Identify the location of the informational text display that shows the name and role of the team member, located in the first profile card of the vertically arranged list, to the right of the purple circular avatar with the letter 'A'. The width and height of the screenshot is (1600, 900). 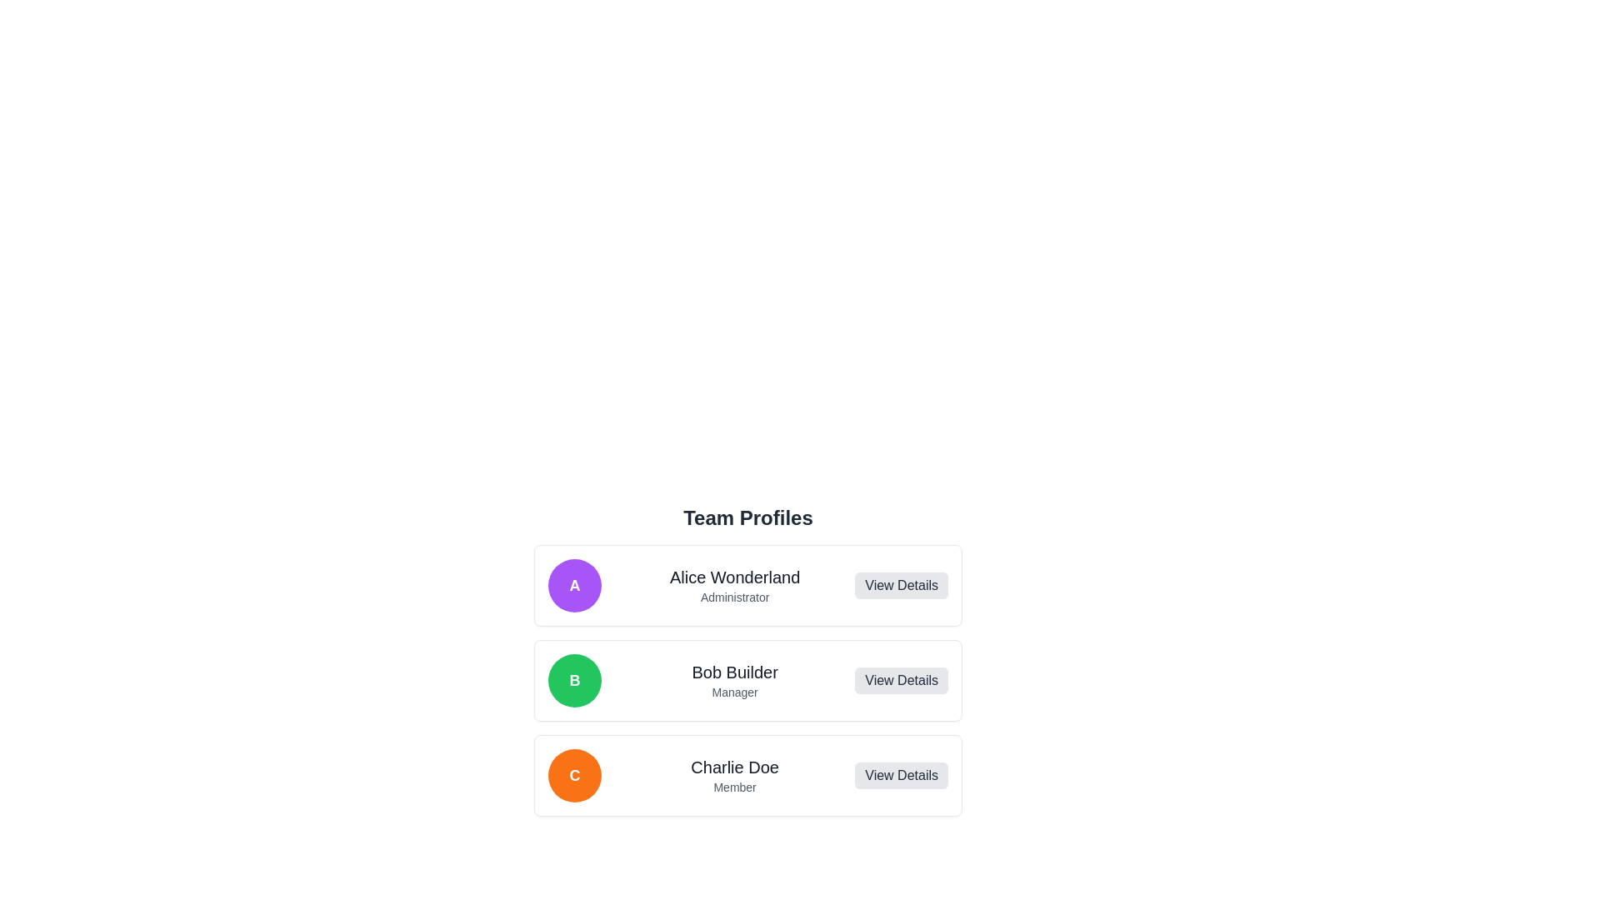
(734, 584).